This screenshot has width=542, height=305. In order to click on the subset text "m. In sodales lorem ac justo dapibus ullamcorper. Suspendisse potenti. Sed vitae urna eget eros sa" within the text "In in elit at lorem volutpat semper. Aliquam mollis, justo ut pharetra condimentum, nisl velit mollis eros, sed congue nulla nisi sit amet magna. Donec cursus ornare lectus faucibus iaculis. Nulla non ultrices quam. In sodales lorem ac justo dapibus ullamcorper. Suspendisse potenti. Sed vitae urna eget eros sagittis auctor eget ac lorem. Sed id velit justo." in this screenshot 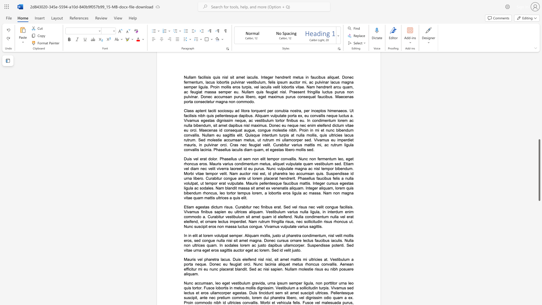, I will do `click(213, 245)`.